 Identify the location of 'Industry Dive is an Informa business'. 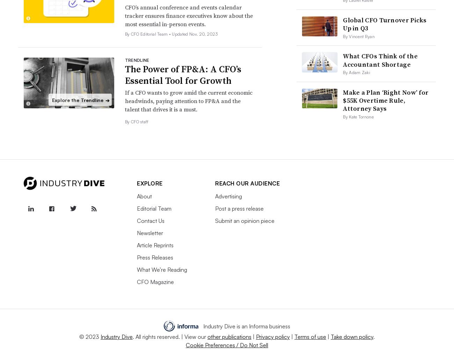
(202, 326).